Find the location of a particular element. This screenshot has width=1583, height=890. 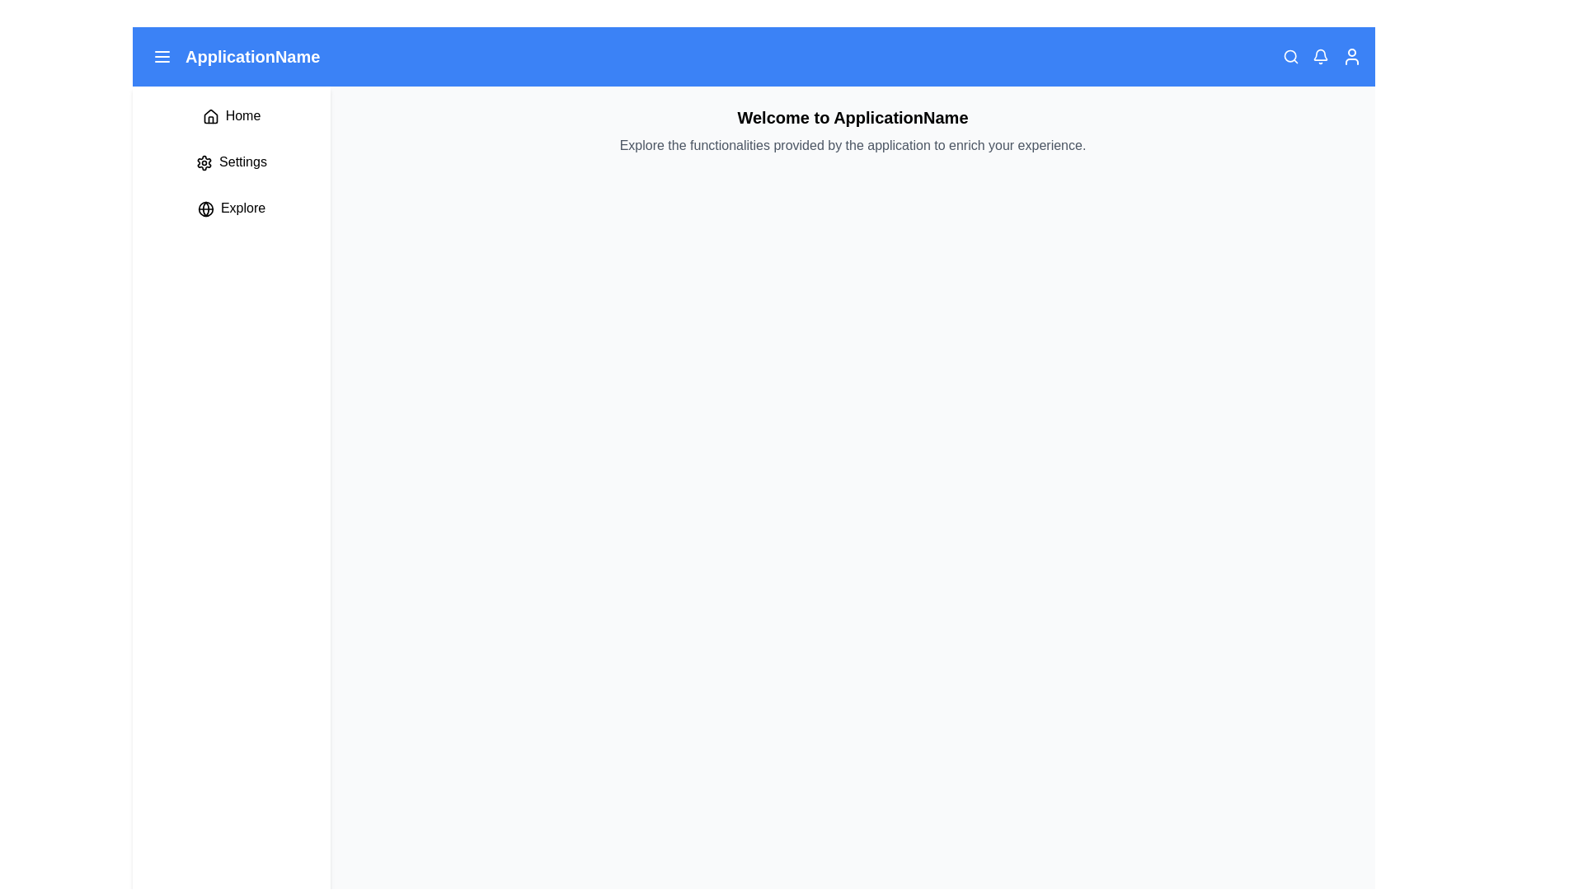

the circular globe icon with a minimalist black outline located in the 'Explore' navigation menu for navigation assistance is located at coordinates (204, 208).